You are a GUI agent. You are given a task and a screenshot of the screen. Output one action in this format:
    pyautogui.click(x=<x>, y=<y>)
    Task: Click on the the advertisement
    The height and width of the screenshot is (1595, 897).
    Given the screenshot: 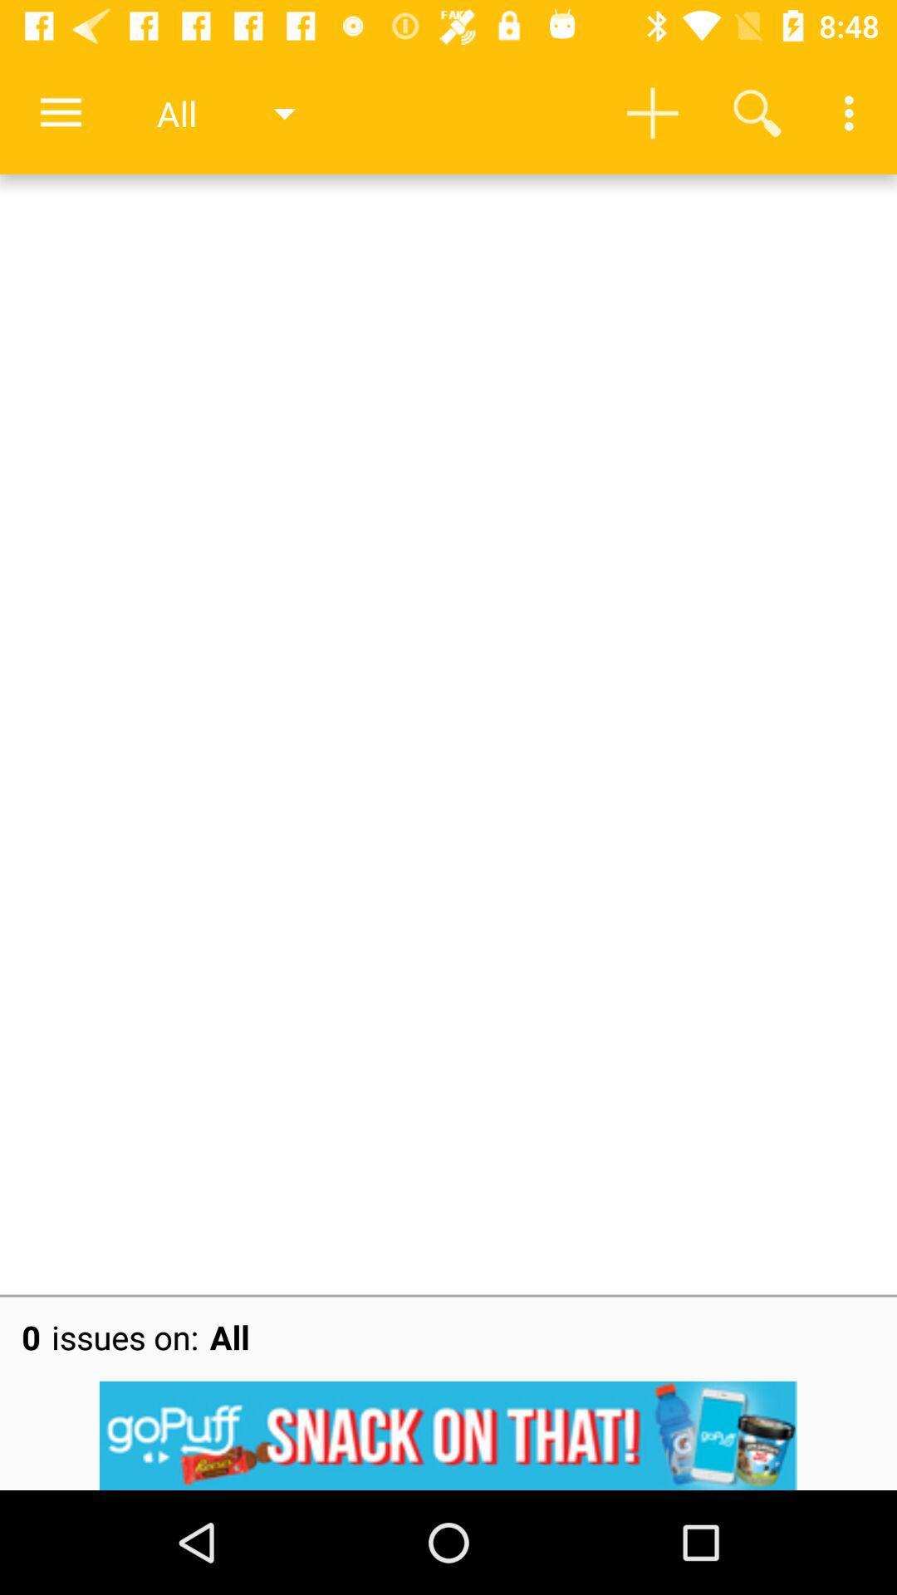 What is the action you would take?
    pyautogui.click(x=448, y=1435)
    